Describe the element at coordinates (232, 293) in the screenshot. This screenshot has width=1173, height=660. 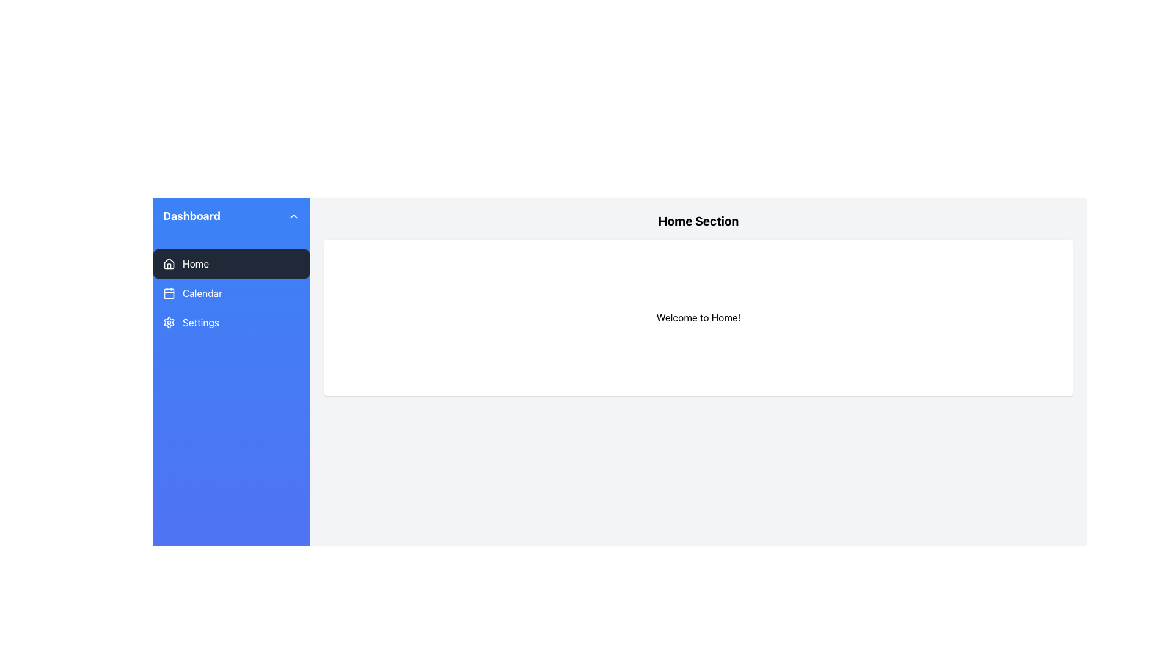
I see `the 'Calendar' menu item located in the sidebar, which is the second item in the vertical list` at that location.